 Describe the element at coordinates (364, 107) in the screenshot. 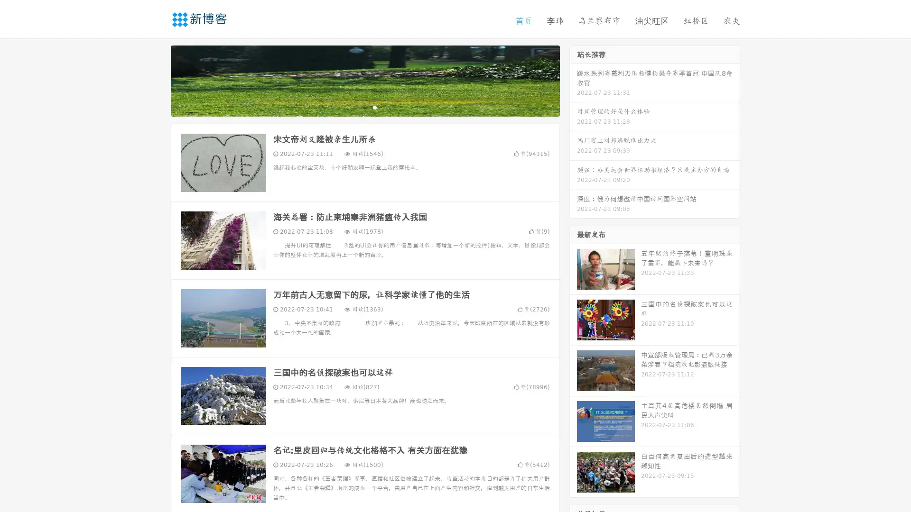

I see `Go to slide 2` at that location.